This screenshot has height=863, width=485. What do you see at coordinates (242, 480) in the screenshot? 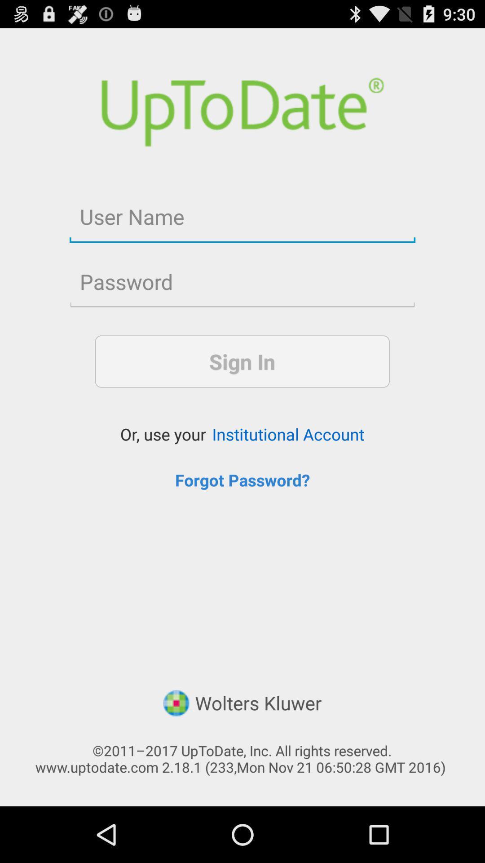
I see `the forgot password? app` at bounding box center [242, 480].